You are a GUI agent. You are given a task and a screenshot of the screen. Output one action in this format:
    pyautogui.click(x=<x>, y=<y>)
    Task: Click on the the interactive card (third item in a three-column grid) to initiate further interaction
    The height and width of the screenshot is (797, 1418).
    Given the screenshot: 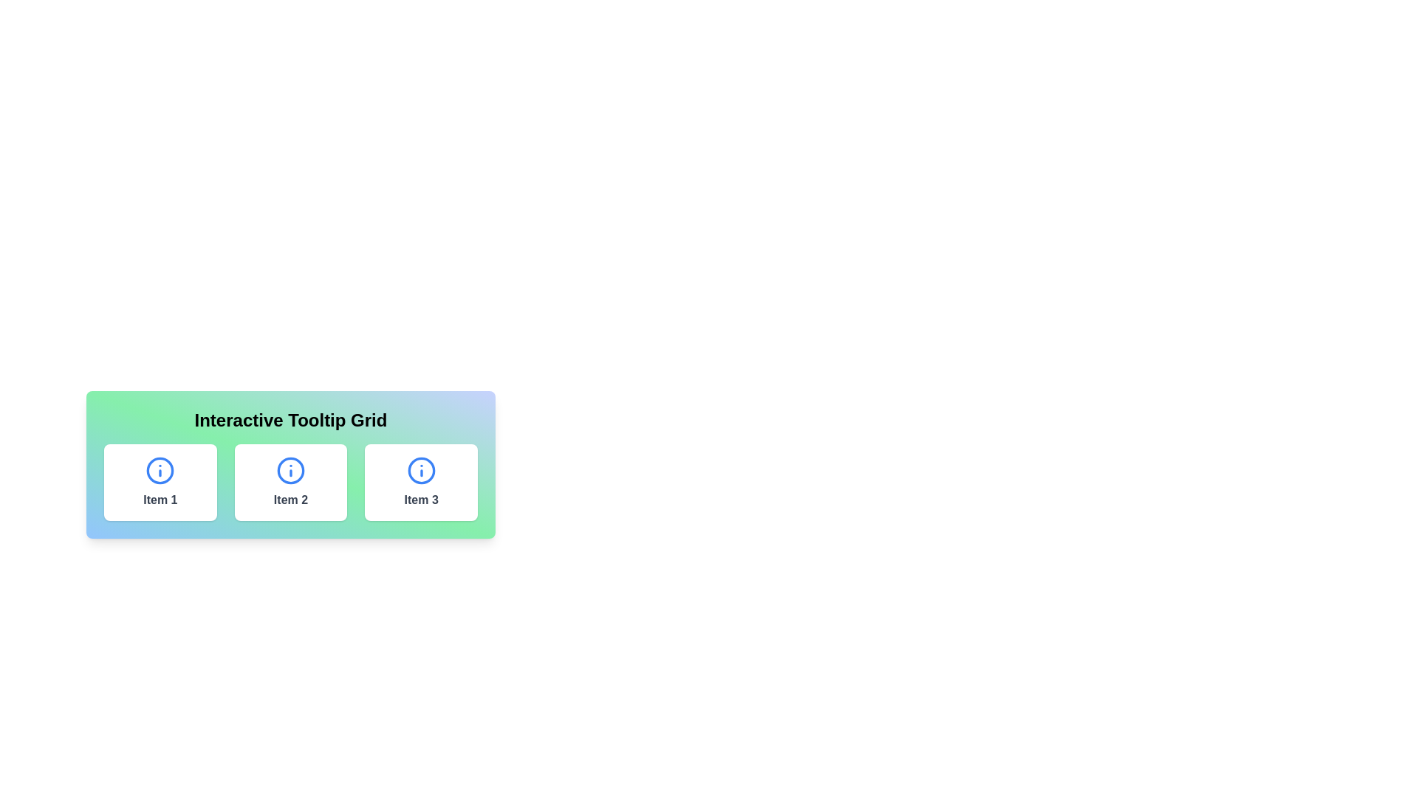 What is the action you would take?
    pyautogui.click(x=420, y=483)
    